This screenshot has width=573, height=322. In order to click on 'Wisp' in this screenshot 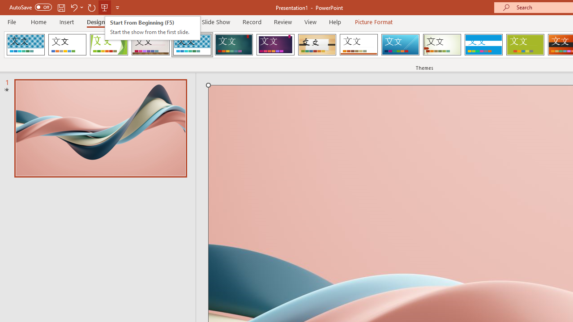, I will do `click(442, 45)`.